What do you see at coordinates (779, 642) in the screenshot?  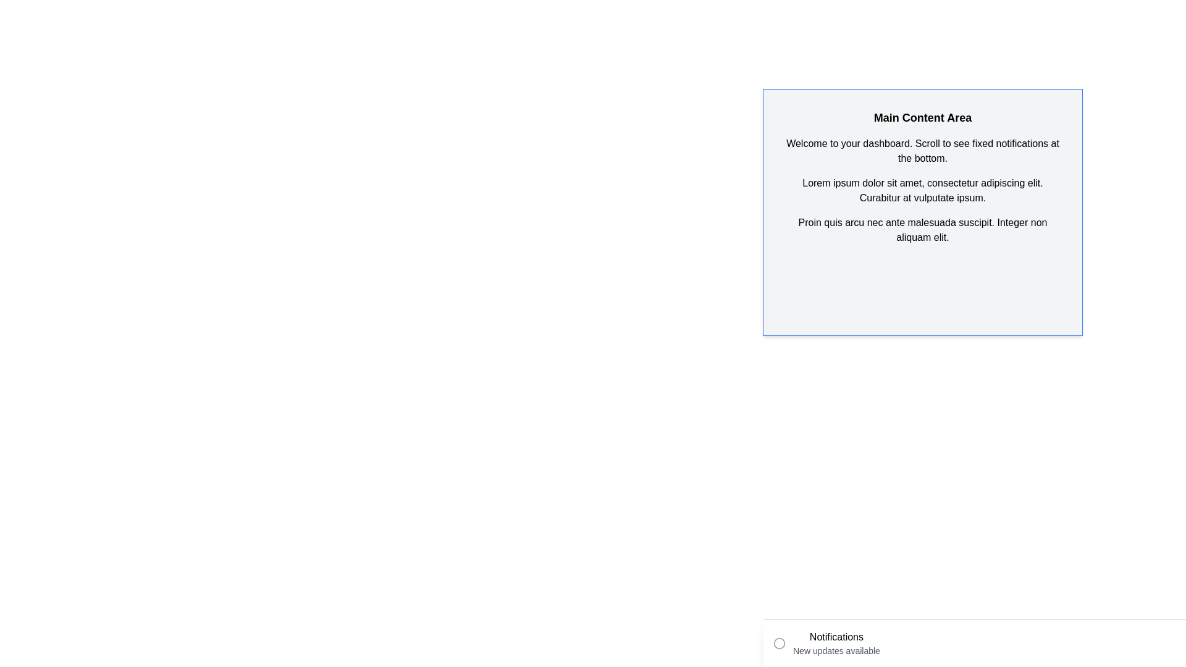 I see `the circular icon with a gray border located in the notification bar at the bottom-right corner of the interface, near the 'Notifications' label` at bounding box center [779, 642].